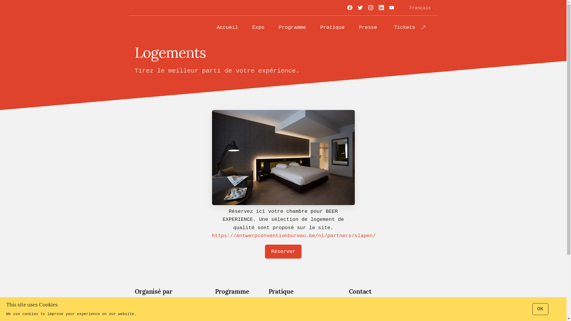 The height and width of the screenshot is (321, 571). Describe the element at coordinates (229, 302) in the screenshot. I see `'Networking'` at that location.